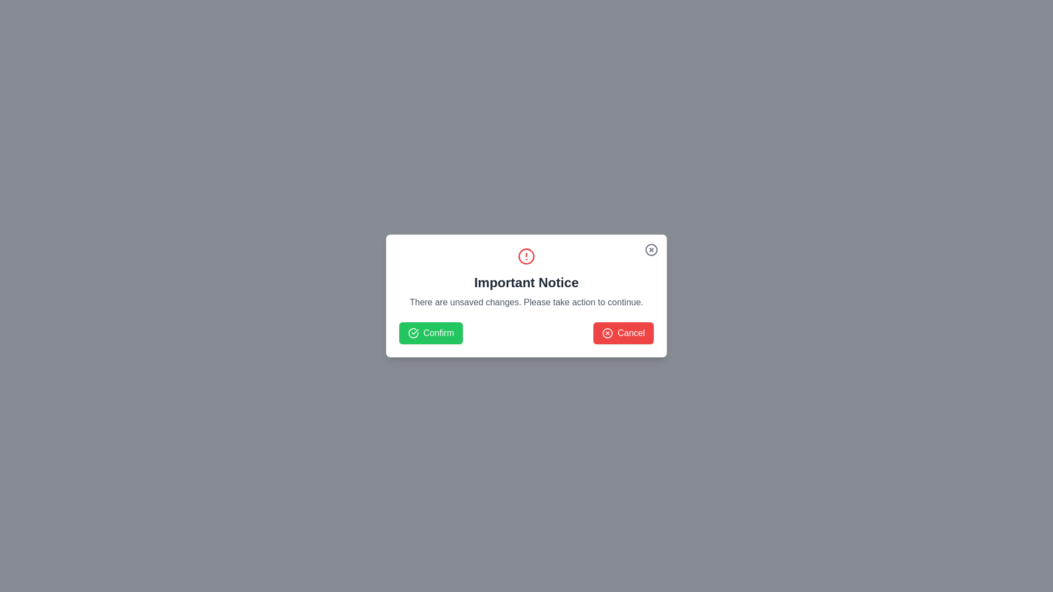 This screenshot has width=1053, height=592. Describe the element at coordinates (439, 333) in the screenshot. I see `the 'Confirm' button, which displays the text label 'Confirm' on a green background, to confirm the action` at that location.